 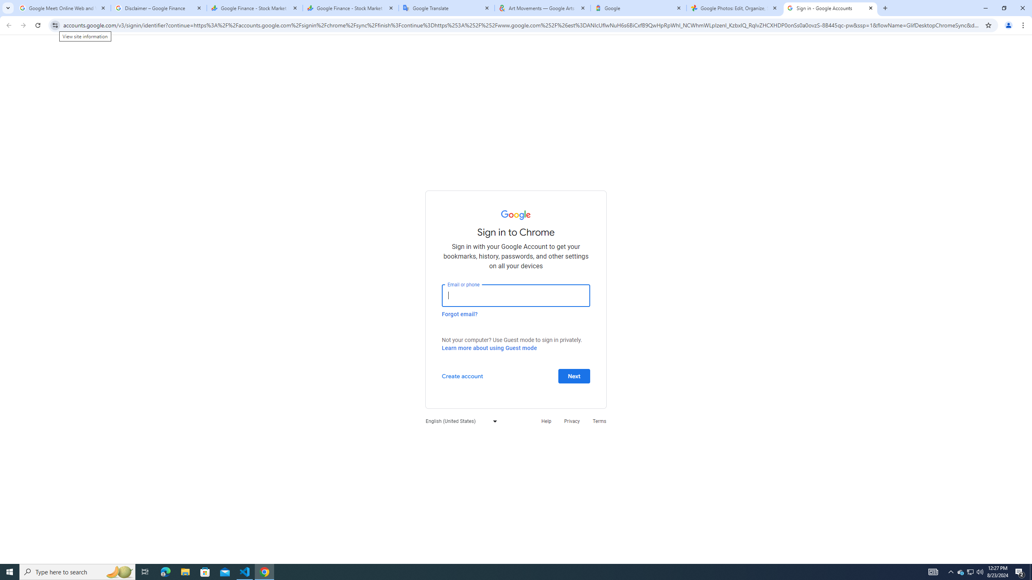 I want to click on 'Create account', so click(x=462, y=375).